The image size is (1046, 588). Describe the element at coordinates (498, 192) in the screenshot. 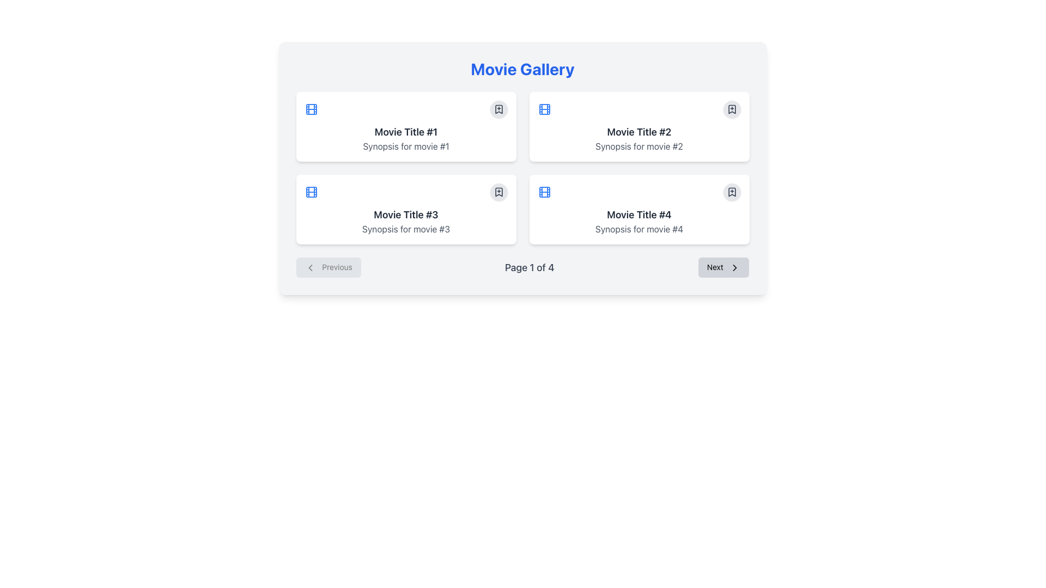

I see `the bookmark button located in the top-right corner of the card titled 'Movie Title #3'` at that location.